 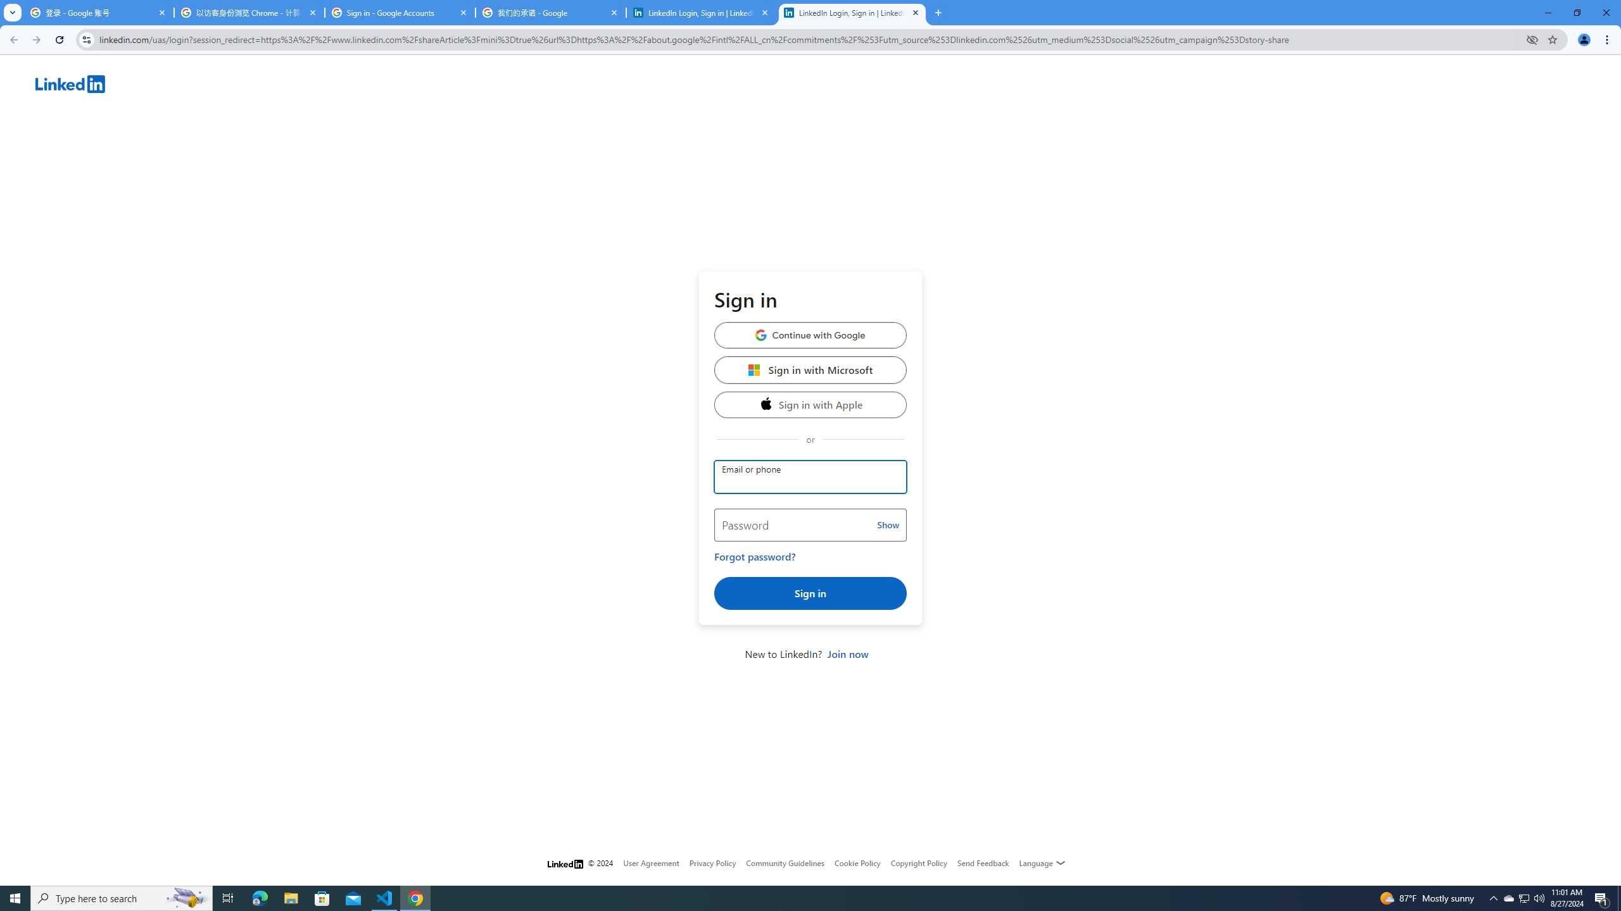 What do you see at coordinates (810, 334) in the screenshot?
I see `'Continue with Google'` at bounding box center [810, 334].